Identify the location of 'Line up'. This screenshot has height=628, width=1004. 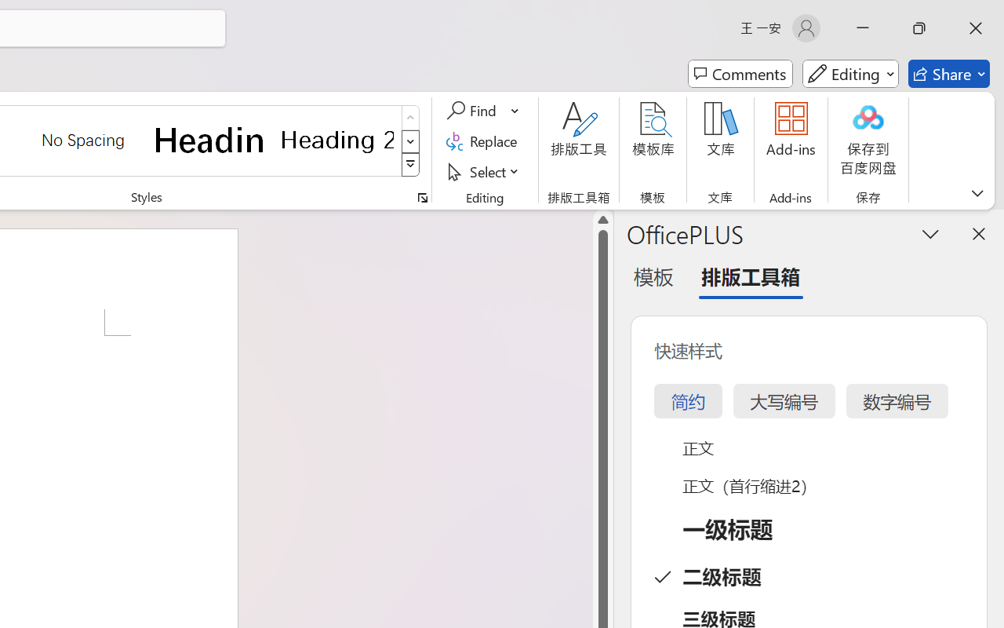
(602, 220).